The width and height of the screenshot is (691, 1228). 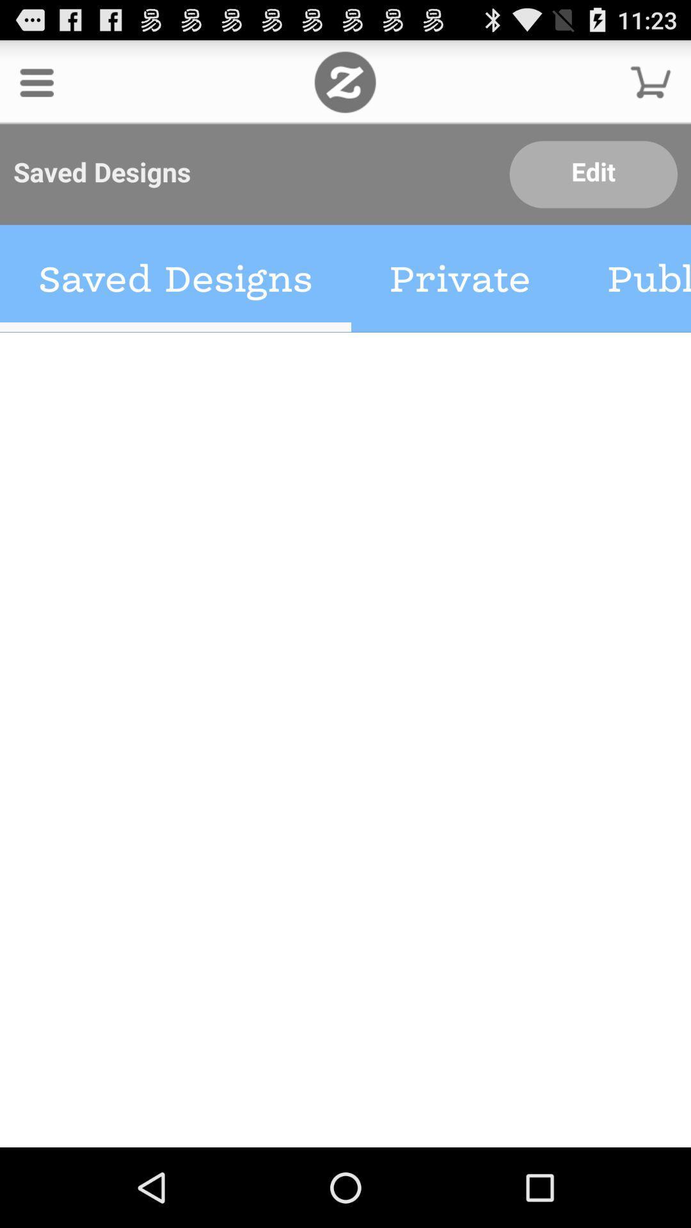 I want to click on the menu icon, so click(x=36, y=87).